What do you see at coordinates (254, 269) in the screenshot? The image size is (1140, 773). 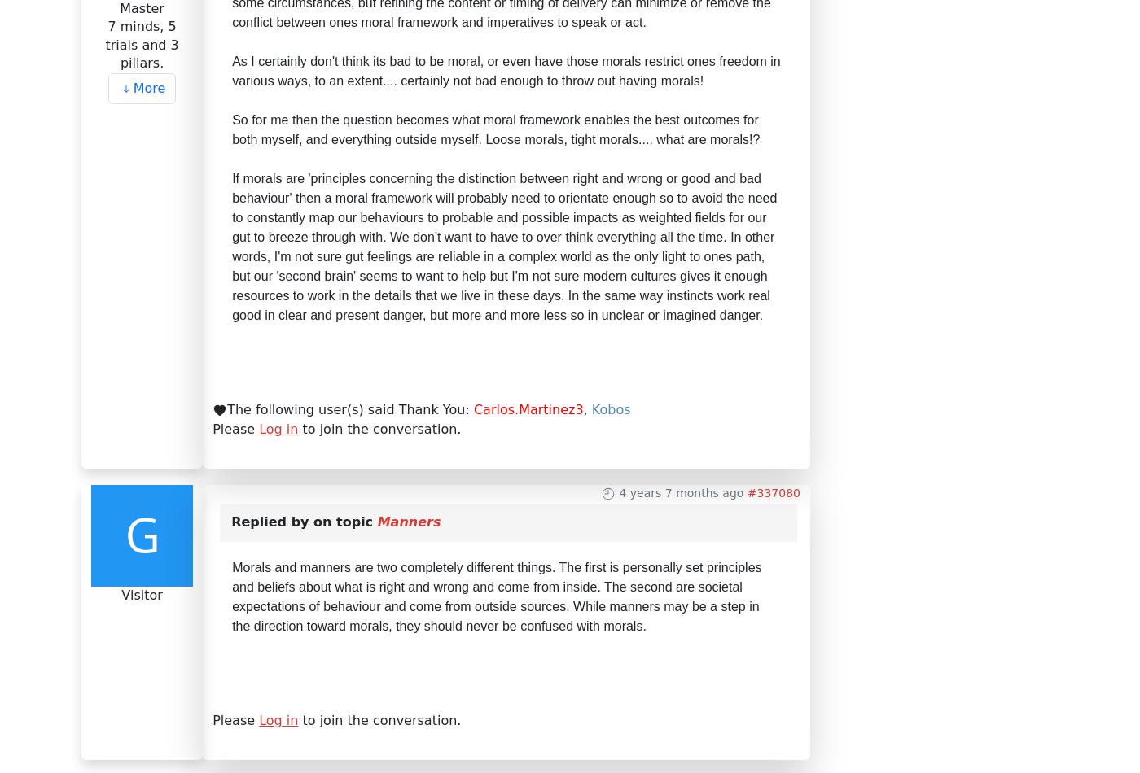 I see `'3'` at bounding box center [254, 269].